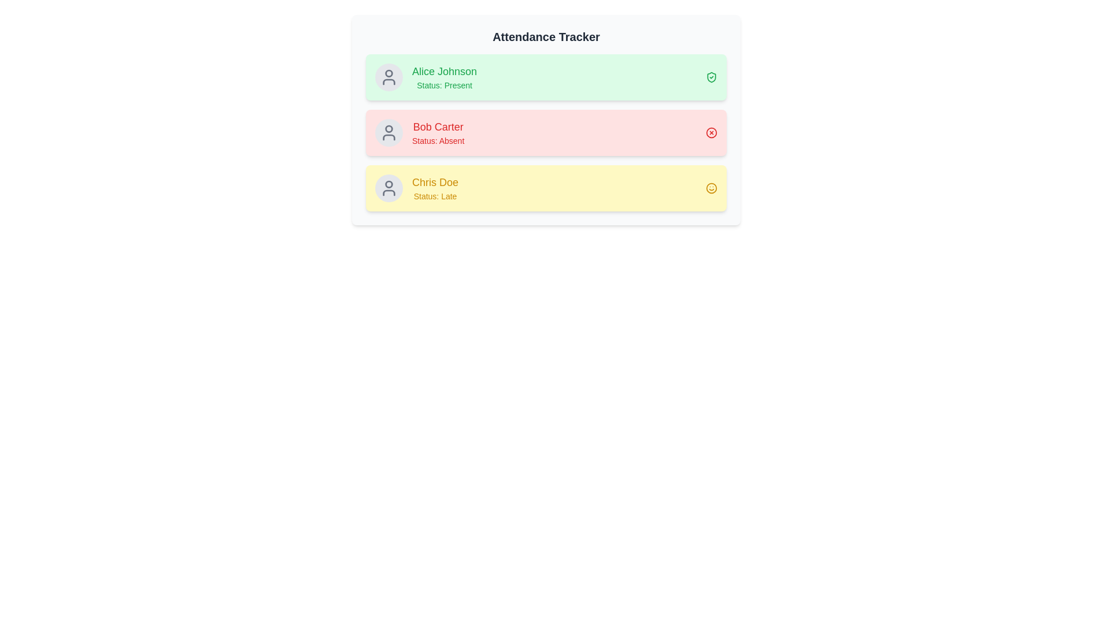 The height and width of the screenshot is (624, 1110). Describe the element at coordinates (388, 132) in the screenshot. I see `the Avatar Icon, which is a gray circle with a user profile icon, located within the card labeled 'Bob Carter' in the Attendance Tracker` at that location.